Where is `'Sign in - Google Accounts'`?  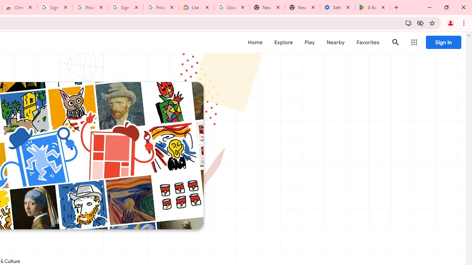 'Sign in - Google Accounts' is located at coordinates (55, 7).